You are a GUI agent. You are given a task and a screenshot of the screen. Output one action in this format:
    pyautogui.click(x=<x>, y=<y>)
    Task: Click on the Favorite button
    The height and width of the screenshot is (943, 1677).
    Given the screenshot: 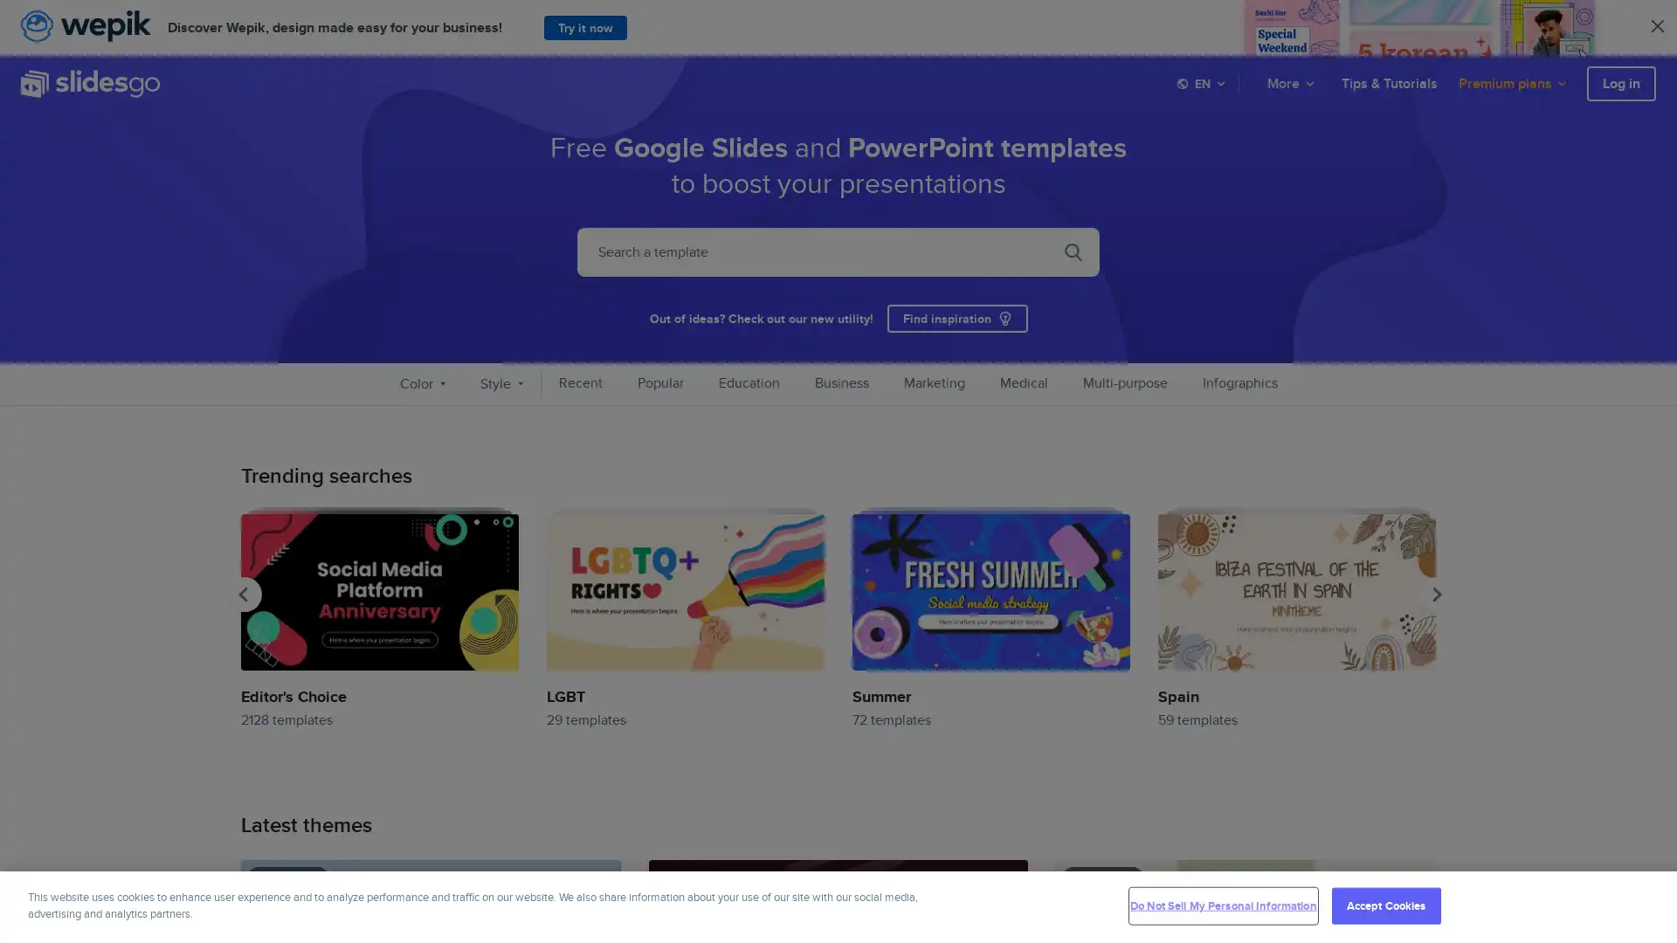 What is the action you would take?
    pyautogui.click(x=1417, y=878)
    